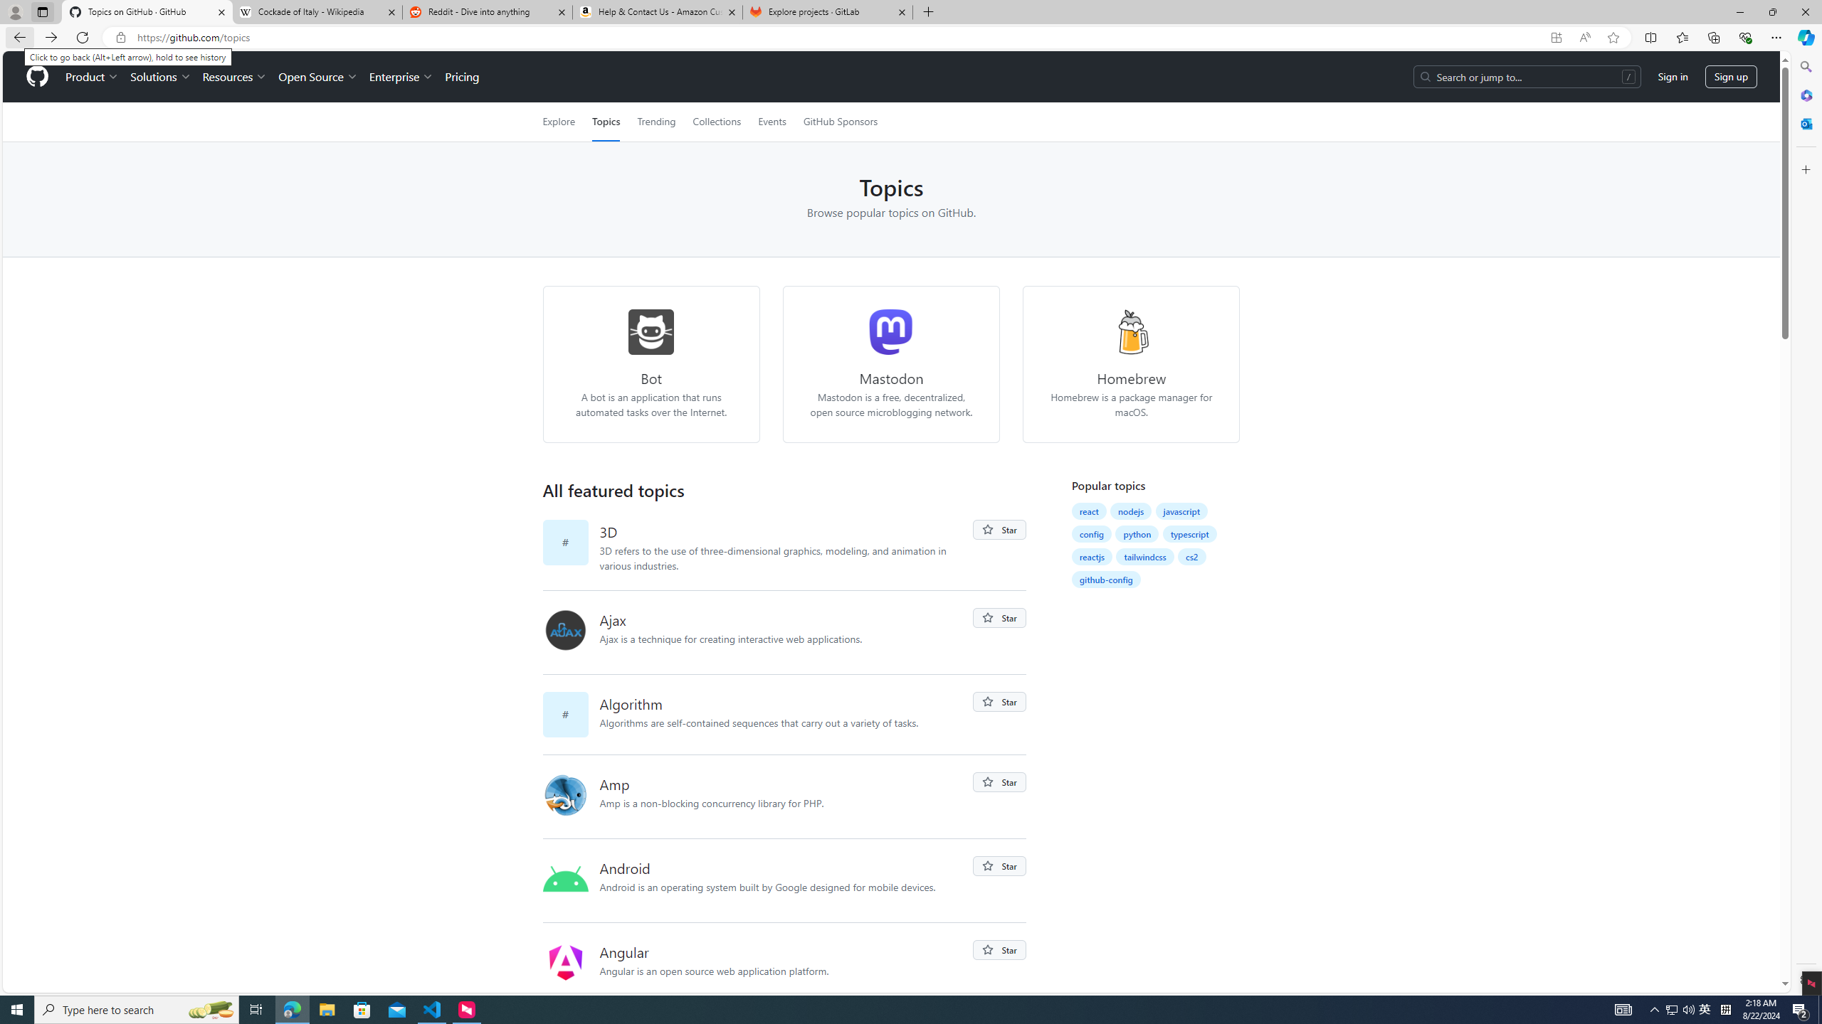 The image size is (1822, 1024). What do you see at coordinates (1088, 511) in the screenshot?
I see `'react'` at bounding box center [1088, 511].